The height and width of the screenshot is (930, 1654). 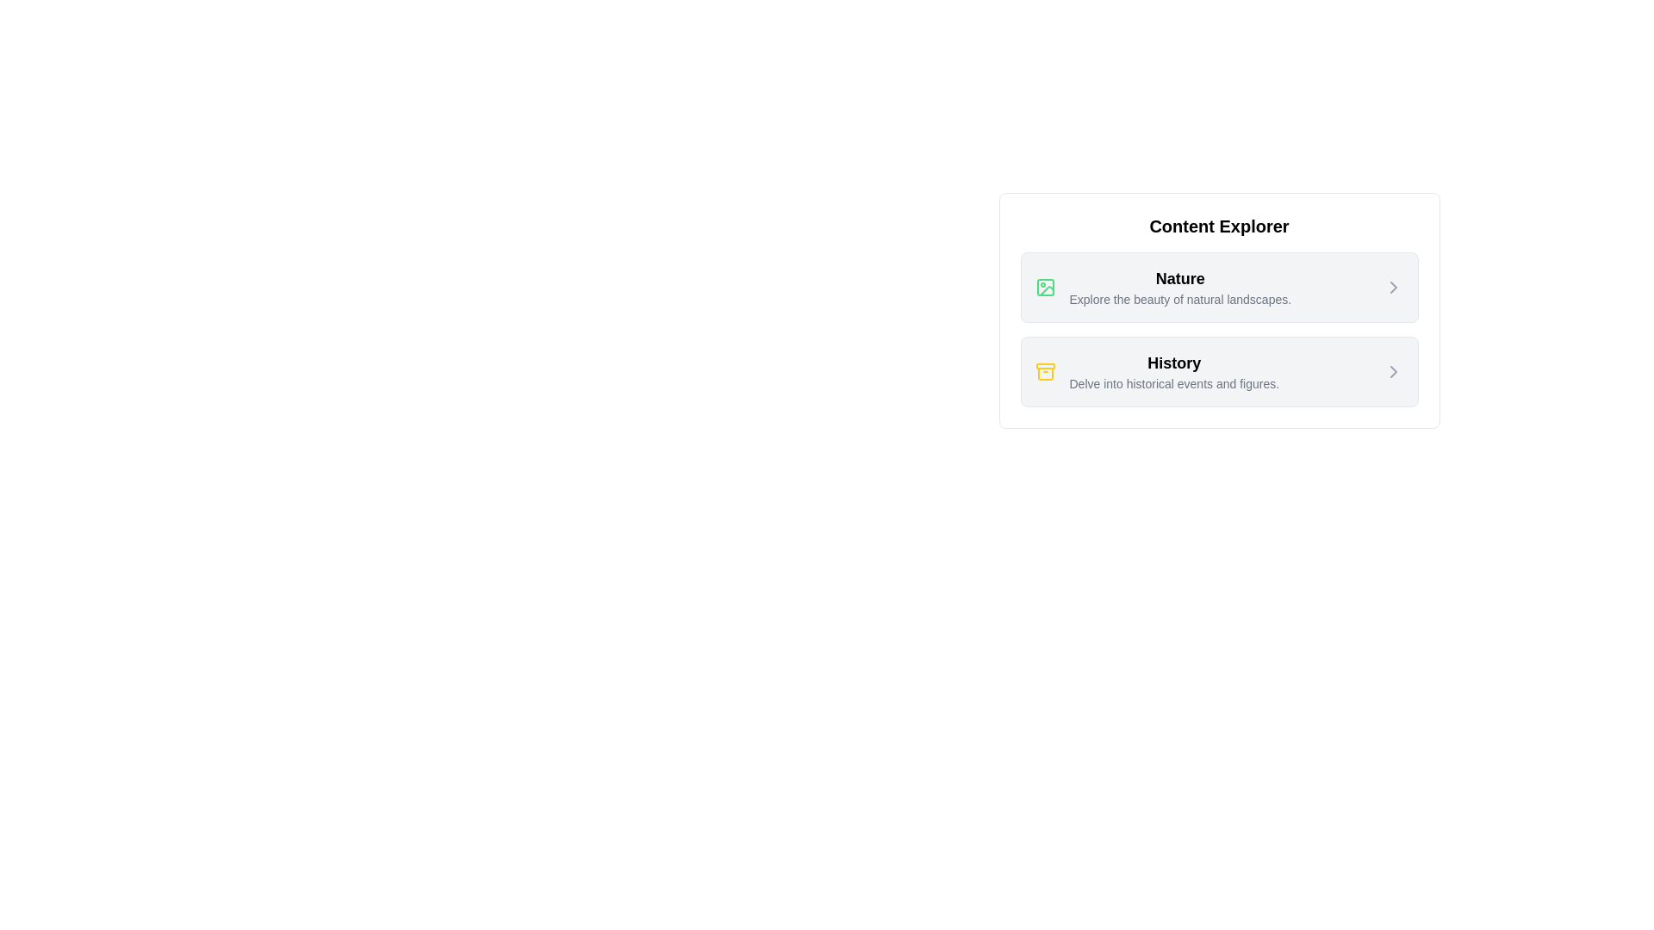 What do you see at coordinates (1393, 371) in the screenshot?
I see `the navigational arrow icon located on the far-right side of the 'History' section` at bounding box center [1393, 371].